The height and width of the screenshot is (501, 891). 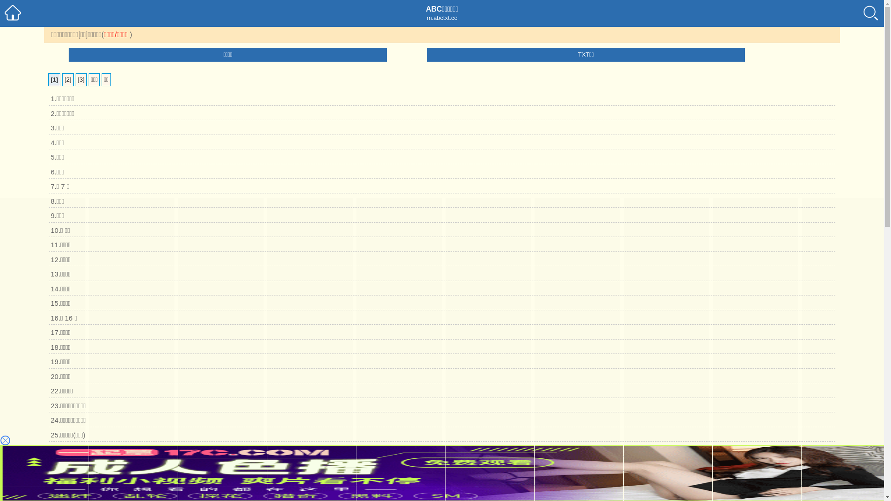 What do you see at coordinates (67, 79) in the screenshot?
I see `'[2]'` at bounding box center [67, 79].